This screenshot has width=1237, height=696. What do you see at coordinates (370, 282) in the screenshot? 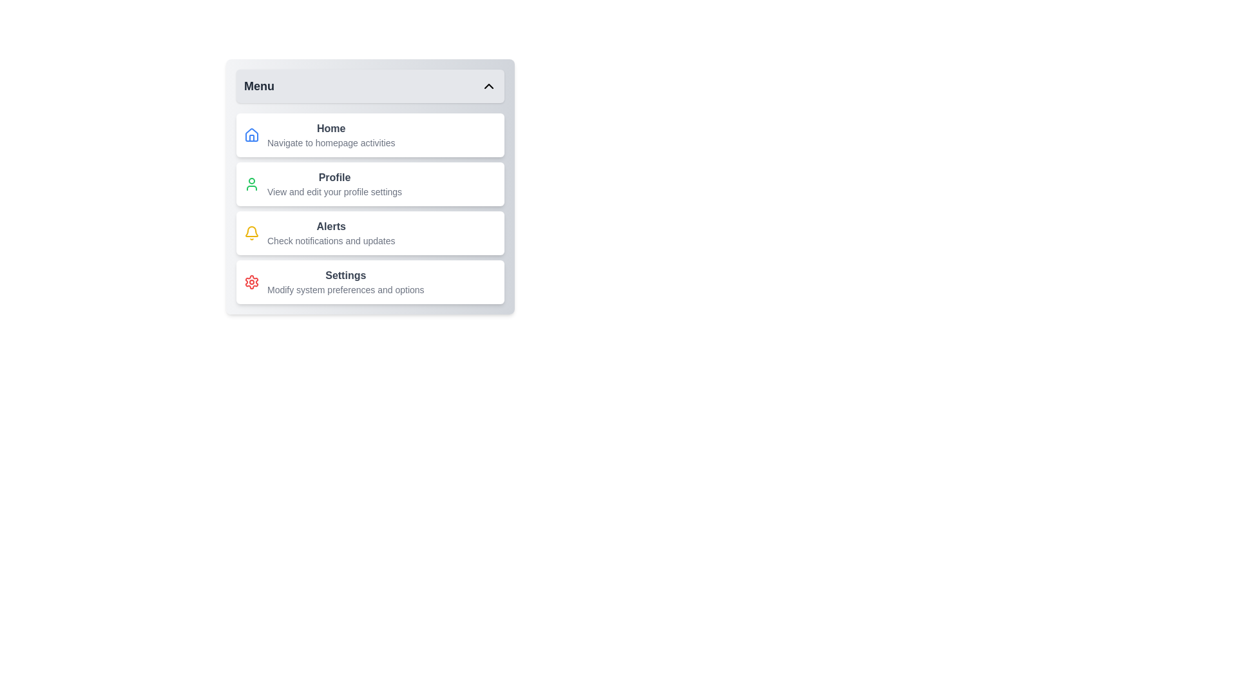
I see `the menu item labeled Settings` at bounding box center [370, 282].